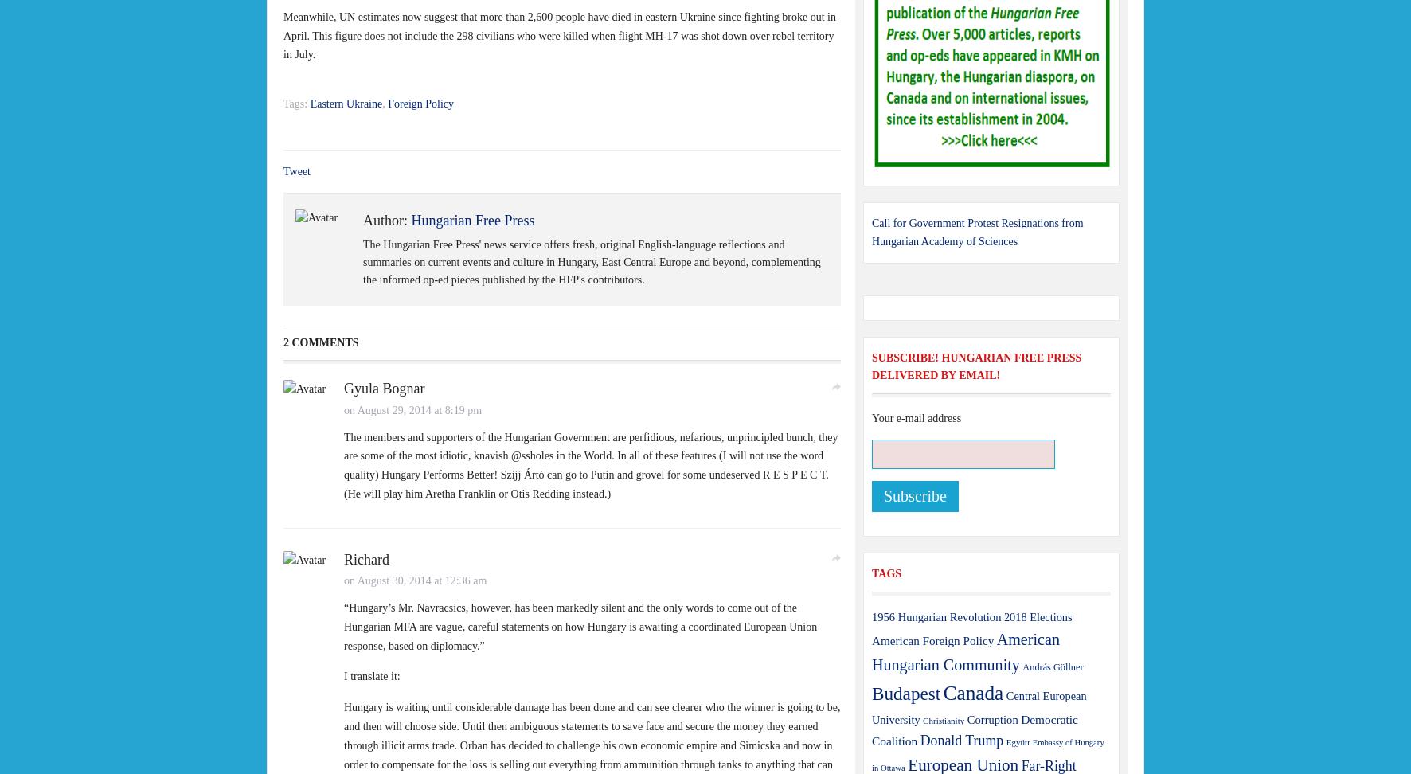  I want to click on '“Hungary’s Mr. Navracsics, however, has been markedly silent and the only words to come out of the Hungarian MFA are vague, careful statements on how Hungary is awaiting a coordinated European Union response, based on diplomacy.”', so click(580, 627).